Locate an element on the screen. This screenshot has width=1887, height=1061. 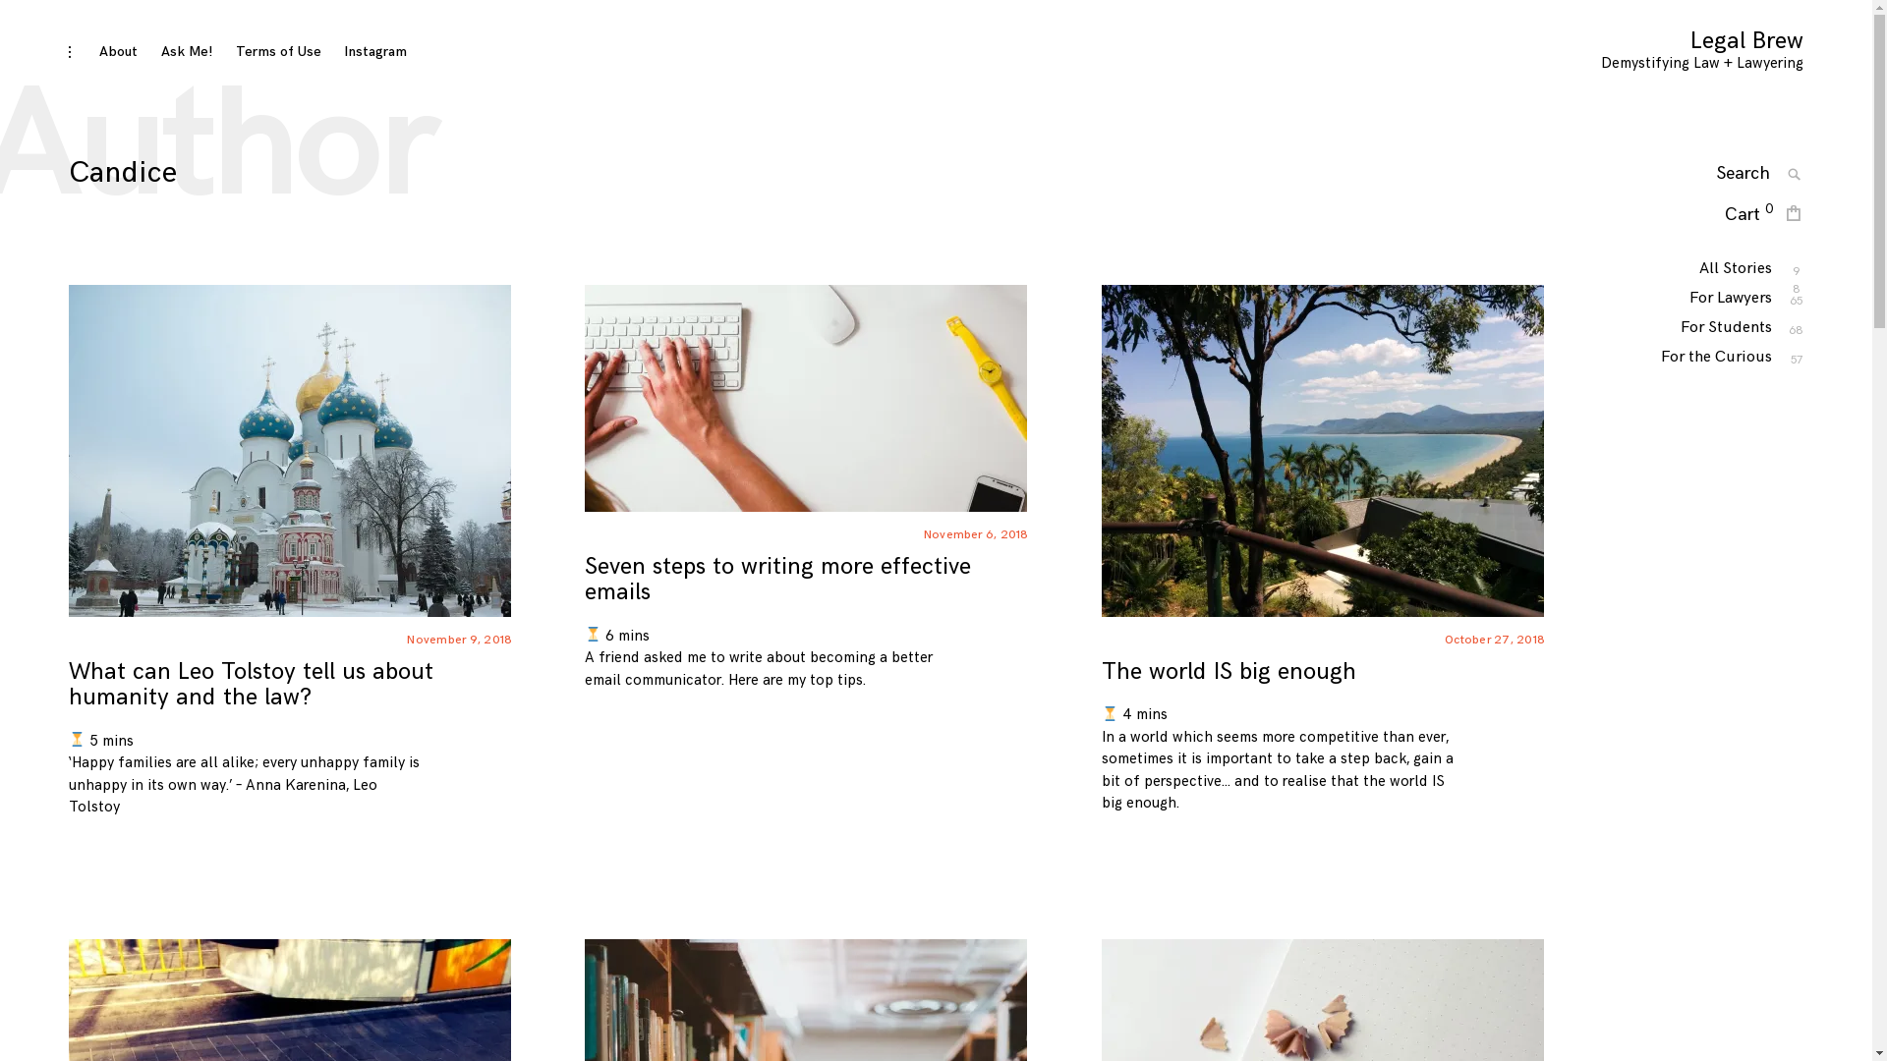
'Legal Brew' is located at coordinates (1746, 40).